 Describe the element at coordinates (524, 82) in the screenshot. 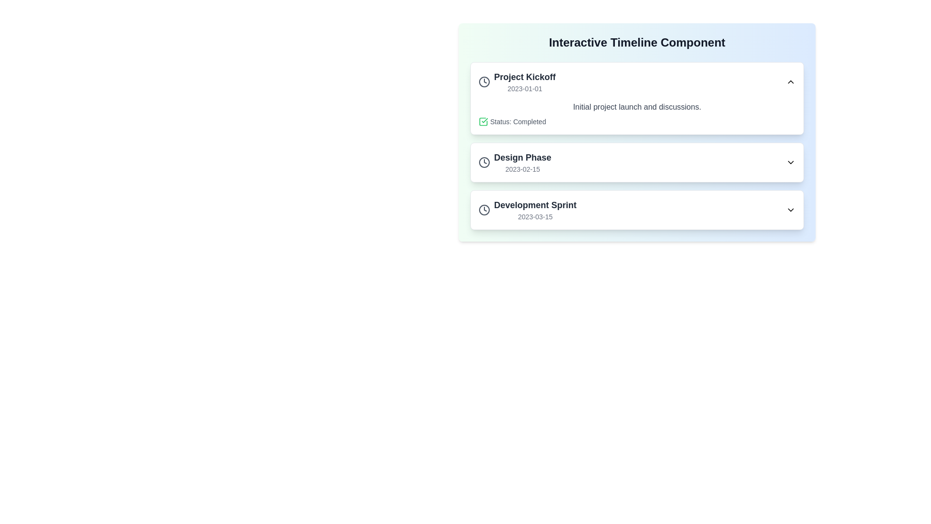

I see `the Text label that provides a title and date for the project kickoff event, which is the first item in a list of events and located near the top of the interface` at that location.